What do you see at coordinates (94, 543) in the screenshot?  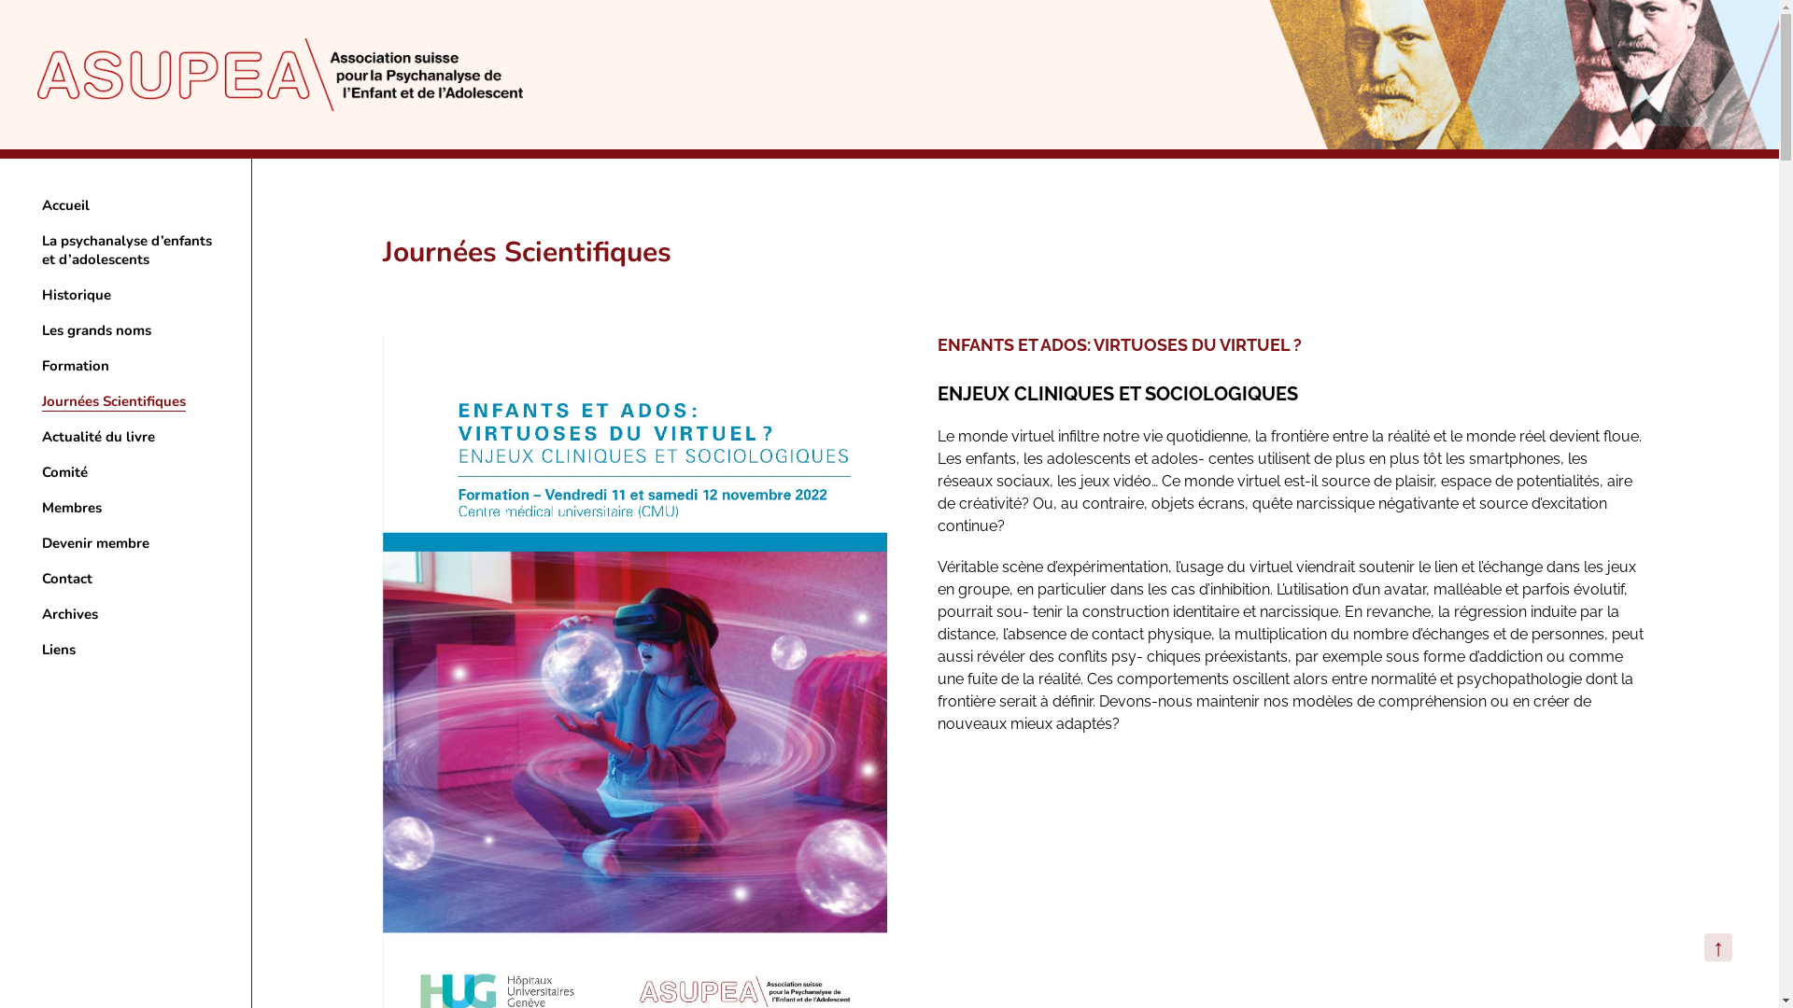 I see `'Devenir membre'` at bounding box center [94, 543].